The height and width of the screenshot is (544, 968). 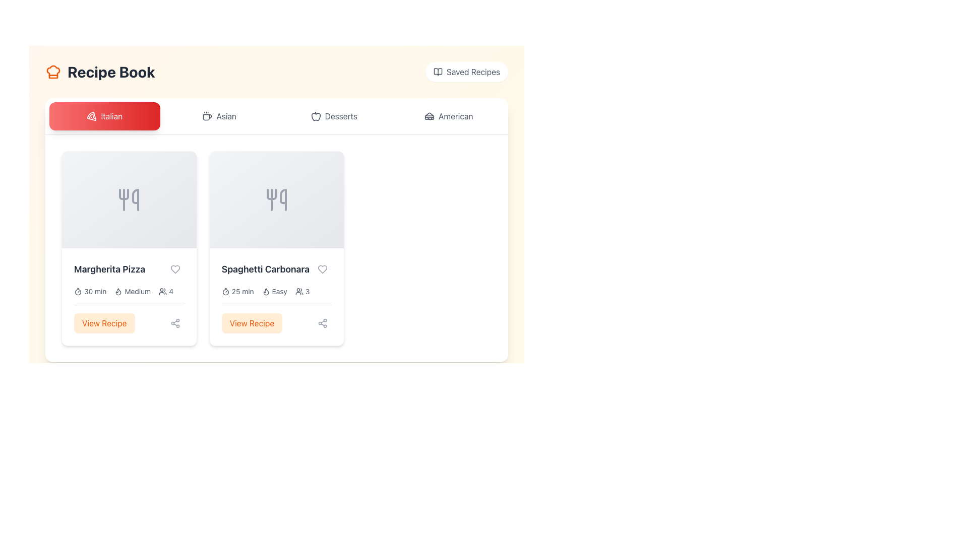 What do you see at coordinates (266, 291) in the screenshot?
I see `the difficulty level icon located within the 'Easy' difficulty label on the right recipe card for 'Spaghetti Carbonara'` at bounding box center [266, 291].